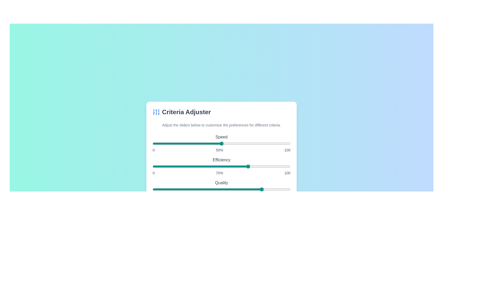  I want to click on the 'Quality' slider to set its value to 2, so click(155, 189).